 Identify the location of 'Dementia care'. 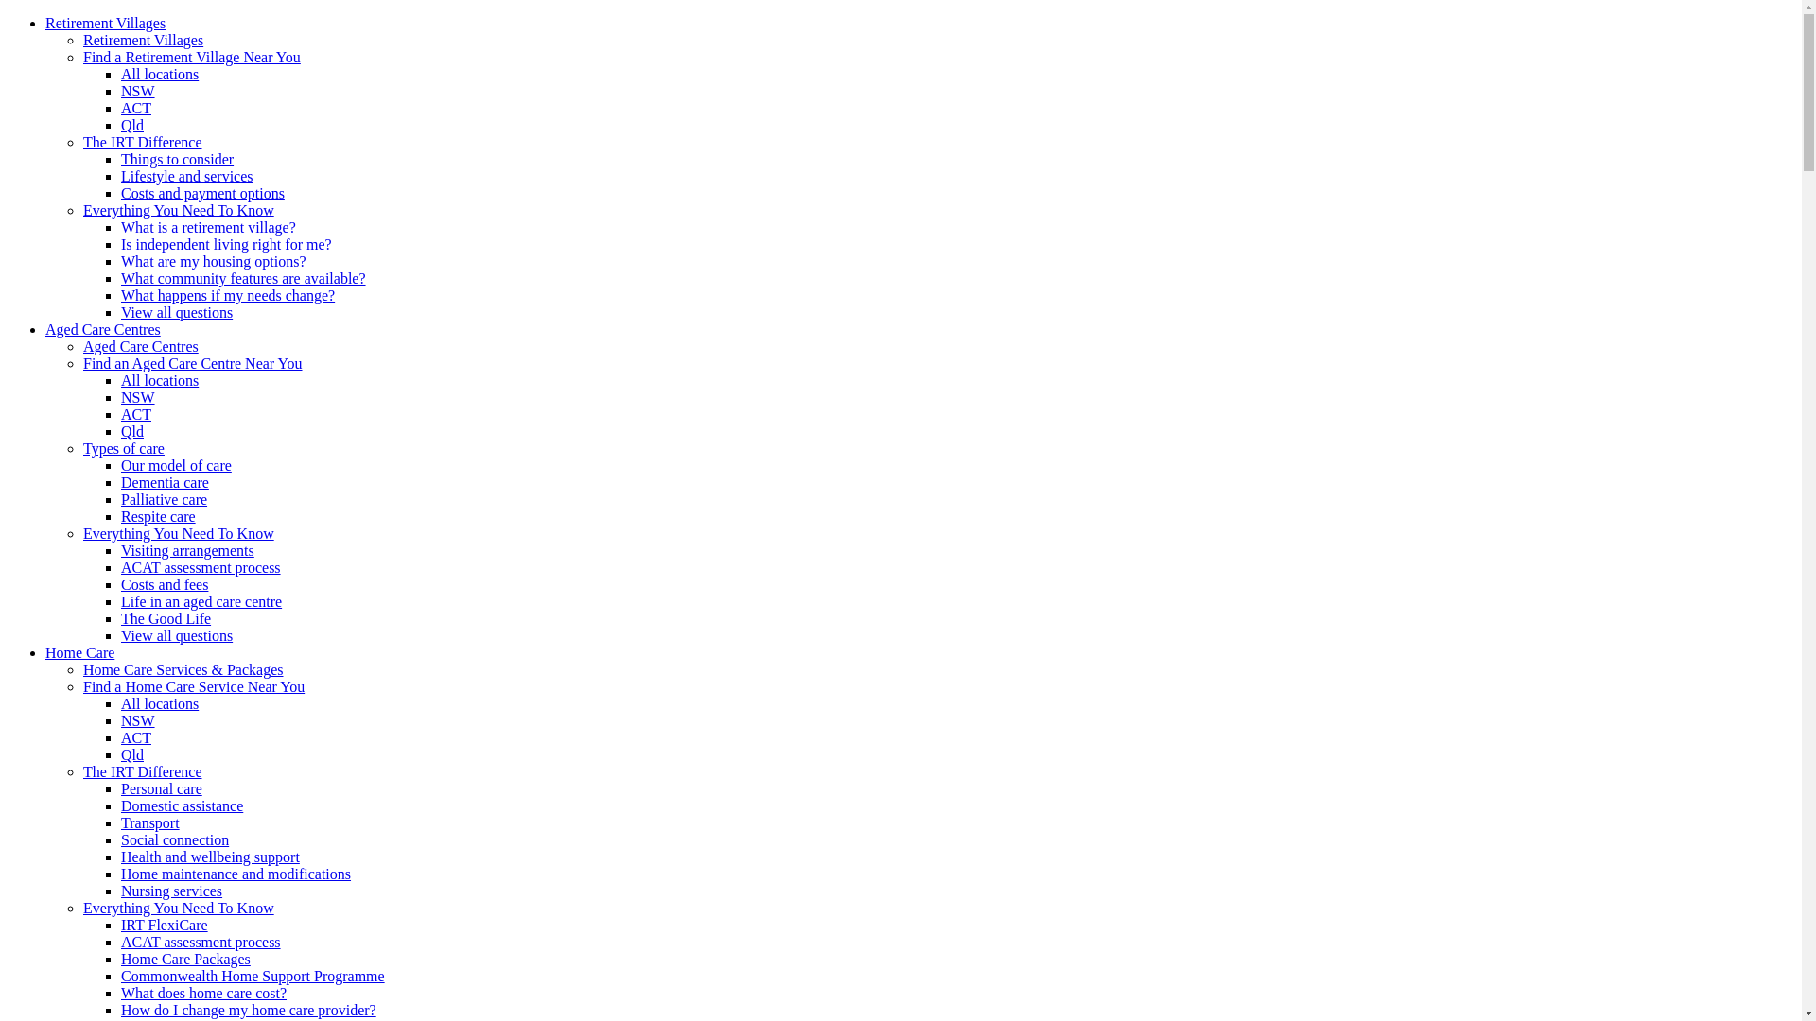
(165, 481).